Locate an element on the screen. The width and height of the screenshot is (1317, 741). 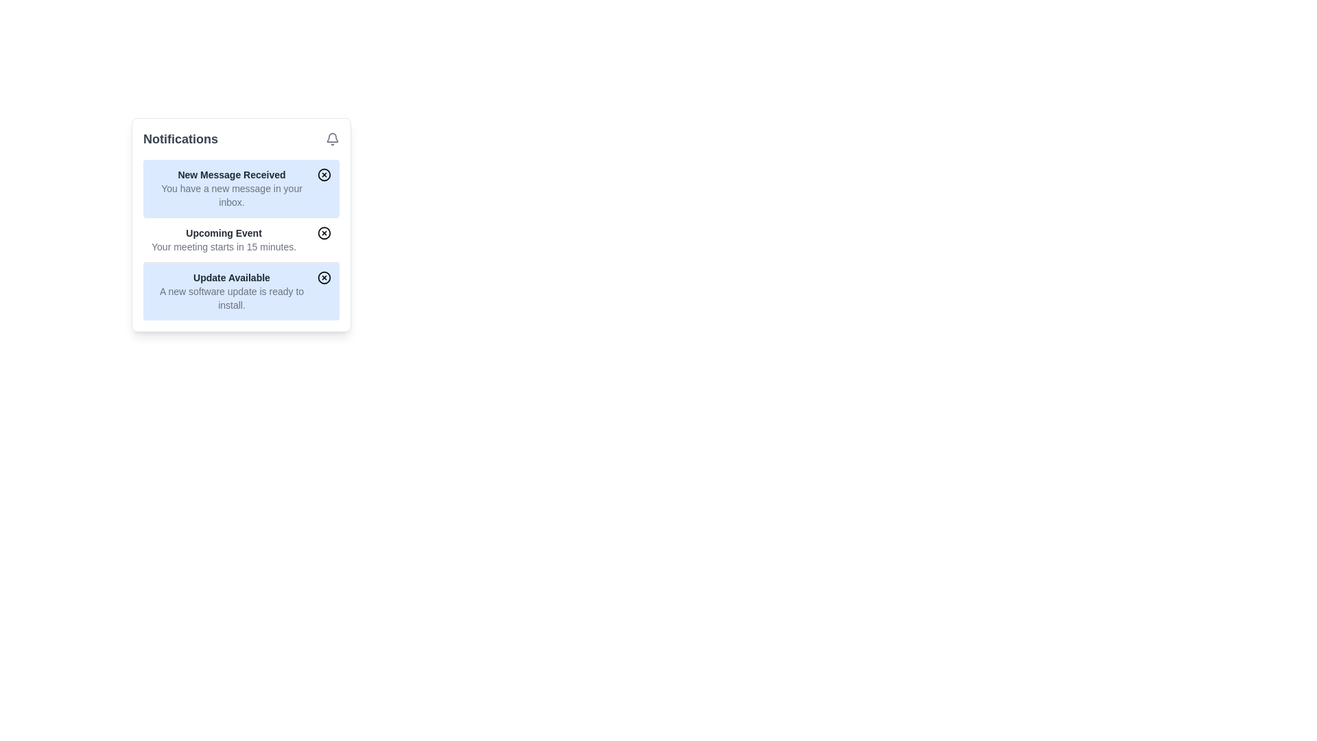
text of the Notification card that informs the user about the availability of a new software update, located in the notification panel between the 'Upcoming Event' notification and the bottom edge of the panel is located at coordinates (241, 290).